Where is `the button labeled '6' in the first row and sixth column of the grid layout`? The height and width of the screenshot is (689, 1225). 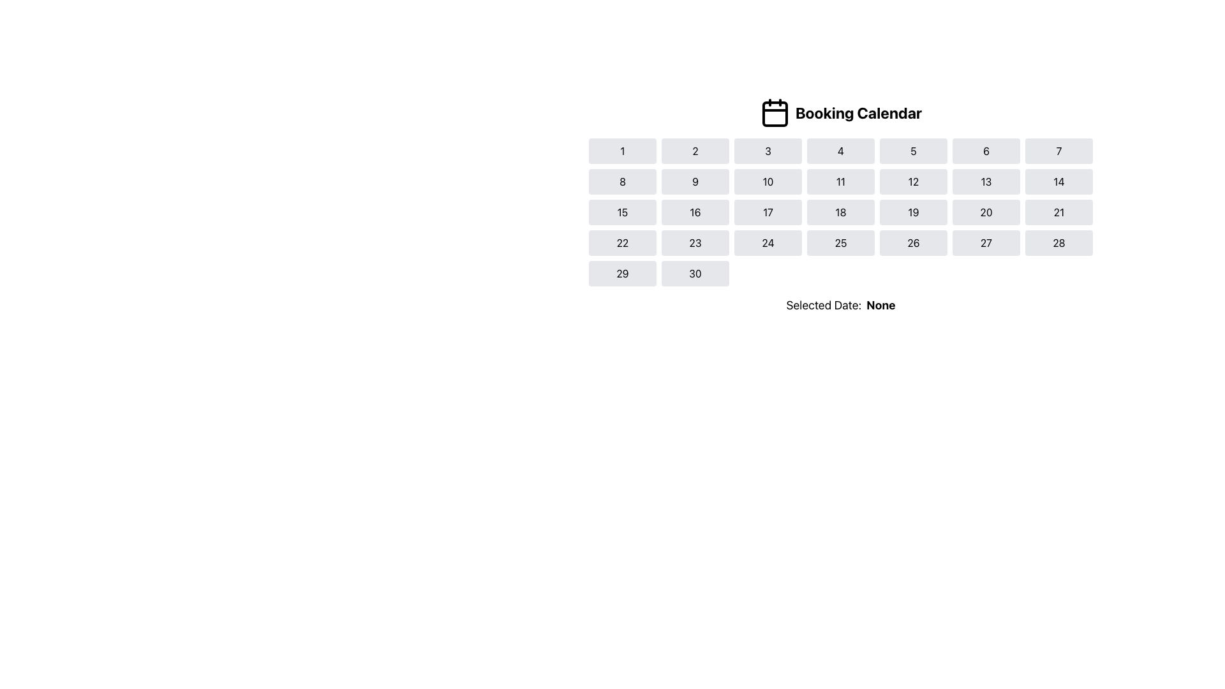
the button labeled '6' in the first row and sixth column of the grid layout is located at coordinates (985, 150).